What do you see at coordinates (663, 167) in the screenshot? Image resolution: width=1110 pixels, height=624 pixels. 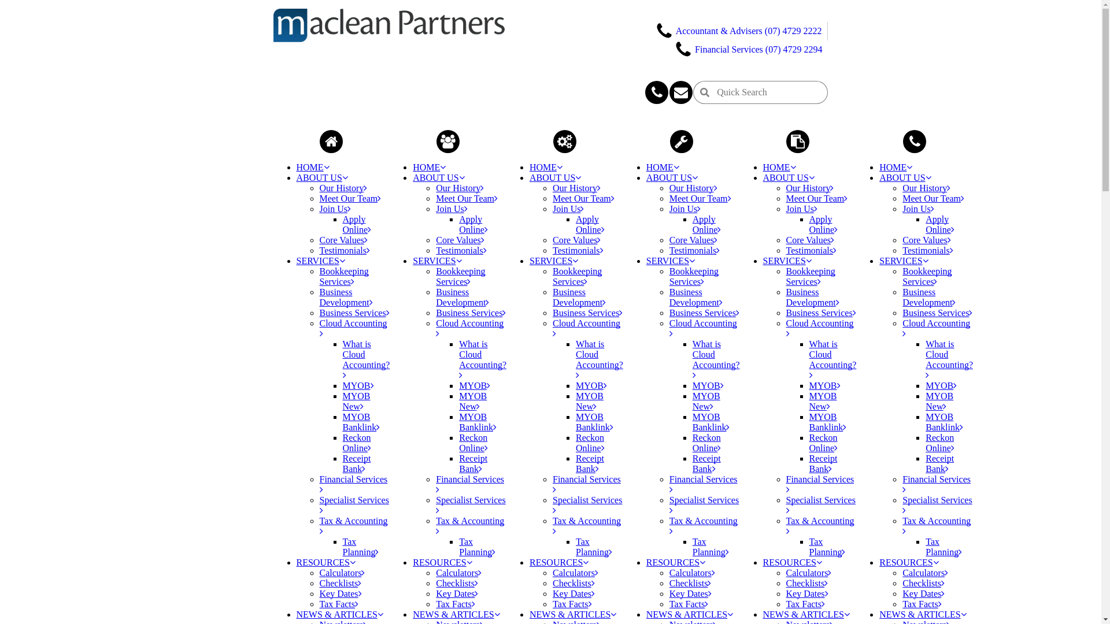 I see `'HOME'` at bounding box center [663, 167].